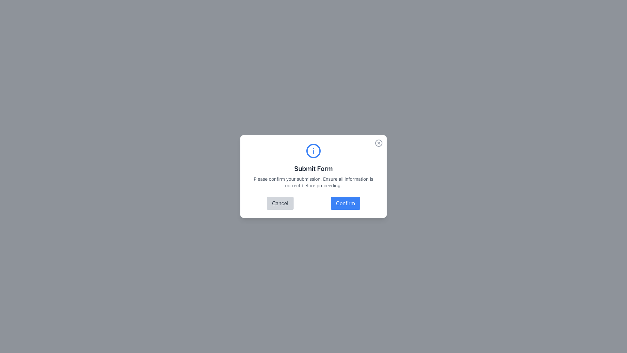 This screenshot has height=353, width=627. Describe the element at coordinates (313, 182) in the screenshot. I see `the informational text label that instructs users to review their data before submission, located below the title 'Submit Form' in the confirmation dialog` at that location.